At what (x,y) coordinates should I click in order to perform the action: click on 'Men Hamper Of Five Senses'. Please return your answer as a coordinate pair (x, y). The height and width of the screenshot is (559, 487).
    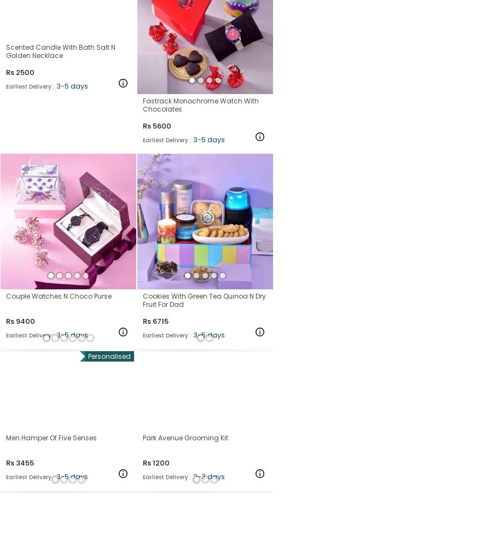
    Looking at the image, I should click on (50, 437).